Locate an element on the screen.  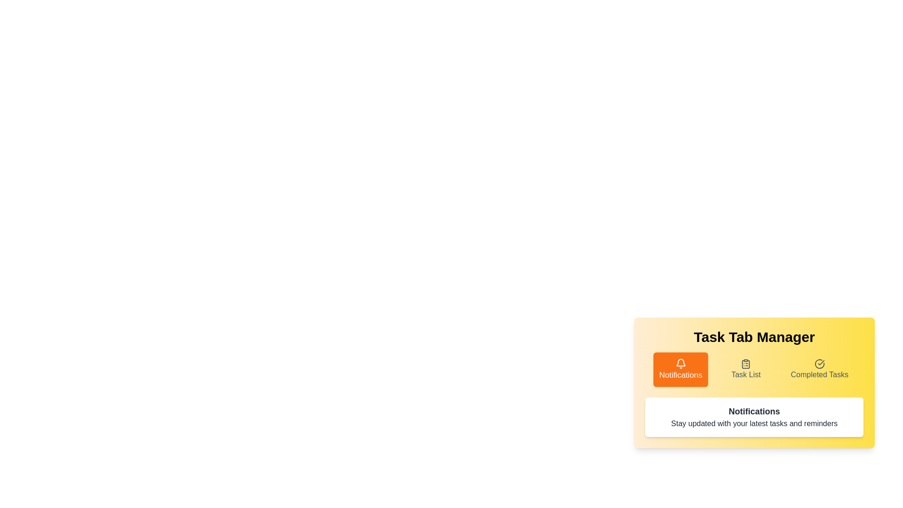
the tab labeled Completed Tasks by clicking on it is located at coordinates (819, 369).